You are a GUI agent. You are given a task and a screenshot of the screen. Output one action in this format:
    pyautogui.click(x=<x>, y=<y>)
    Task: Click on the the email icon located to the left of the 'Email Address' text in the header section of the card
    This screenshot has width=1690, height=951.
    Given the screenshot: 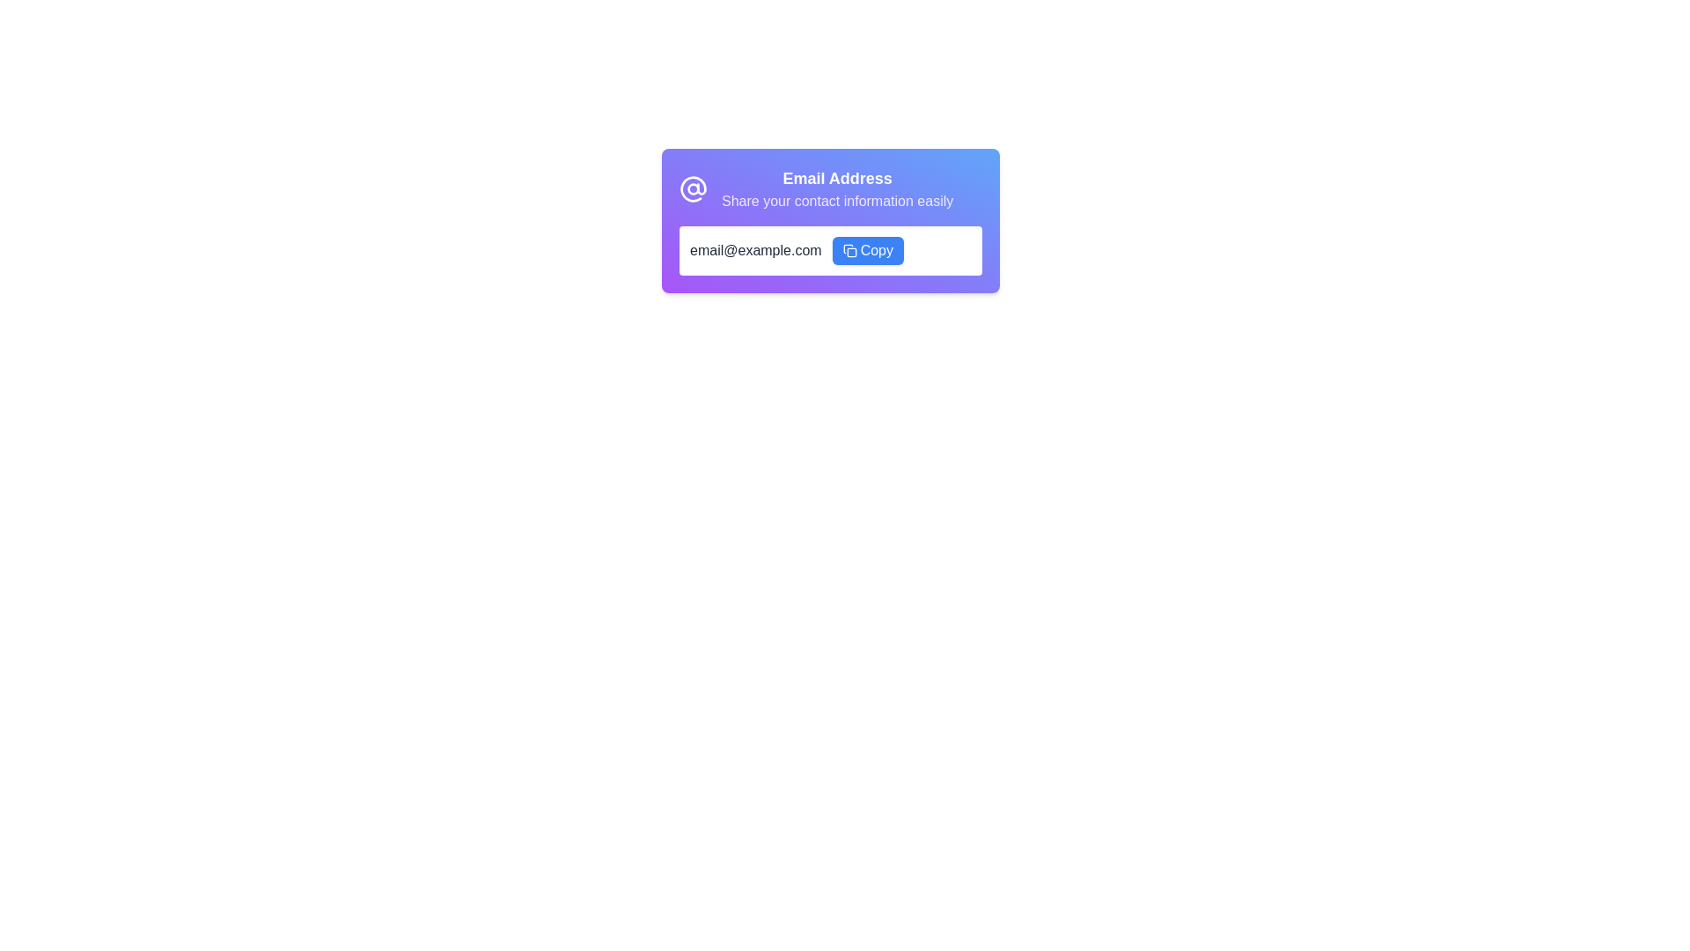 What is the action you would take?
    pyautogui.click(x=692, y=189)
    